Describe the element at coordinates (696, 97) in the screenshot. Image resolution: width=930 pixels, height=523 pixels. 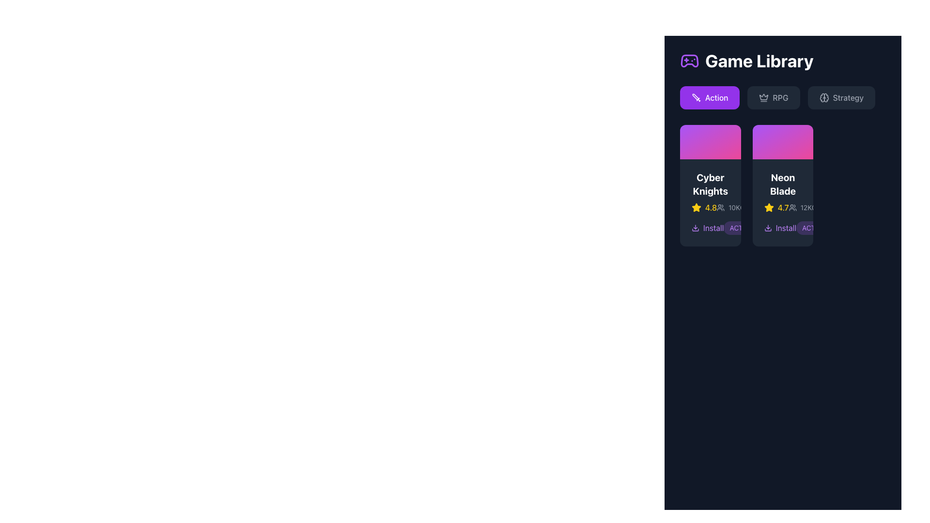
I see `the sword-shaped icon with a purple background and white outline, located to the left of the text 'Action' within the purple button under the 'Game Library' title` at that location.